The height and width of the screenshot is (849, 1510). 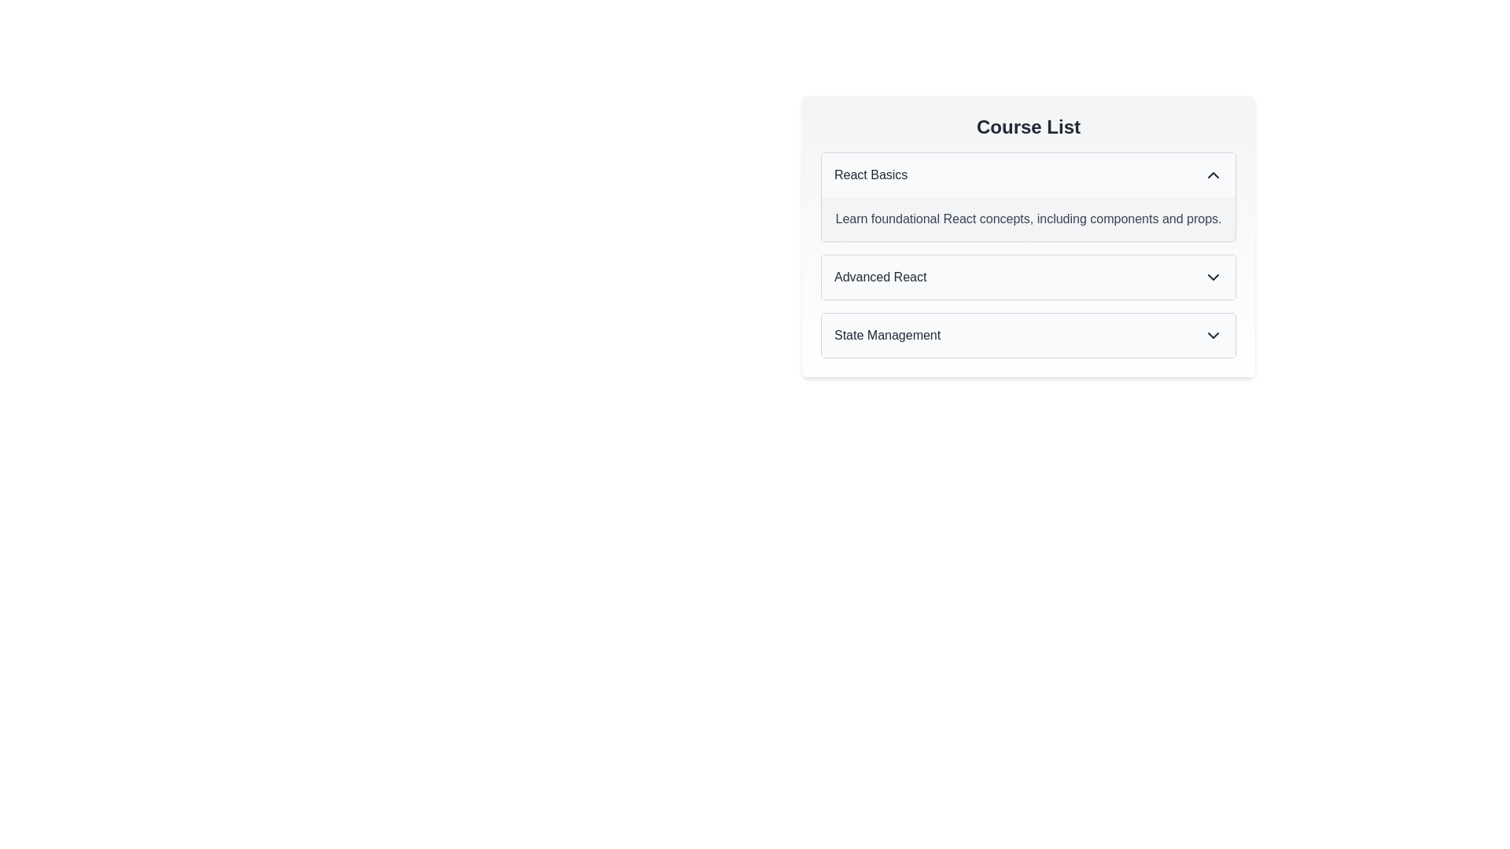 What do you see at coordinates (1029, 254) in the screenshot?
I see `the 'Advanced React' collapsible section located` at bounding box center [1029, 254].